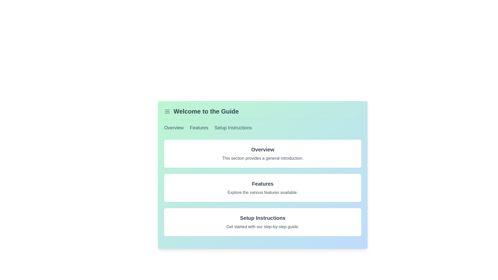  I want to click on the Hamburger menu icon located at the top-left corner of the card section, so click(167, 111).